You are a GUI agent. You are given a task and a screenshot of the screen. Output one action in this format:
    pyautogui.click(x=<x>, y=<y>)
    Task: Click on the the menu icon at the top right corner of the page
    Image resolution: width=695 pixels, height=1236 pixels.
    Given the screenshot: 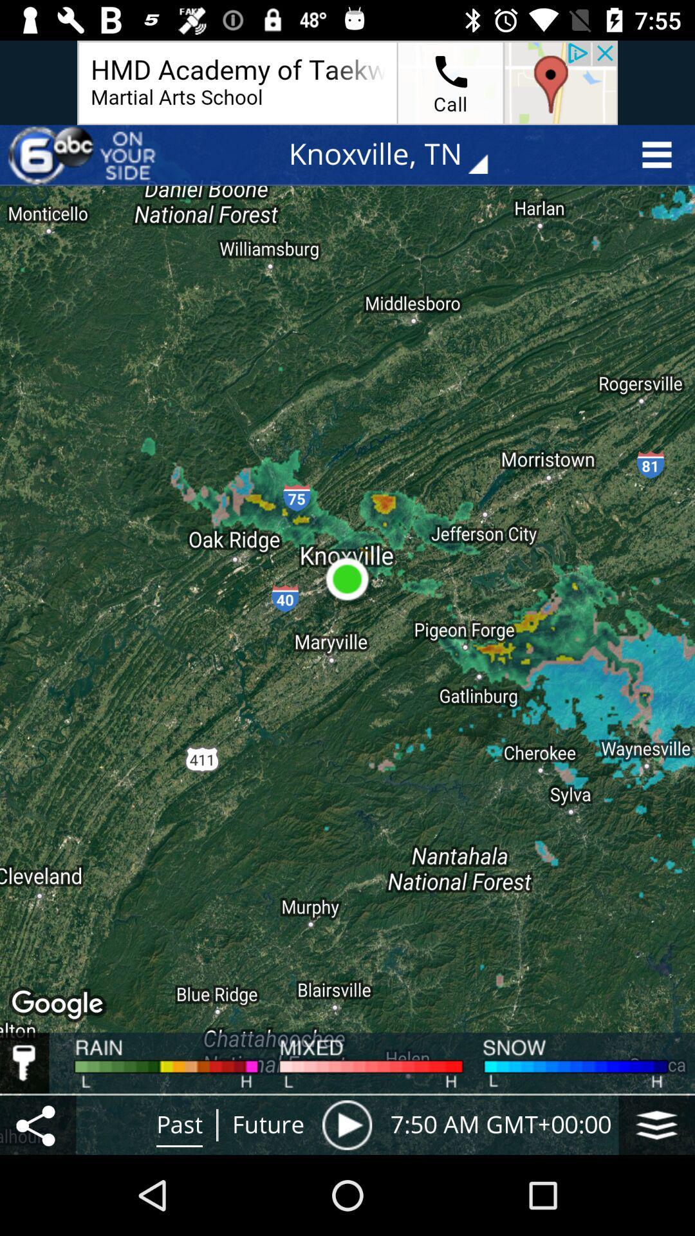 What is the action you would take?
    pyautogui.click(x=660, y=154)
    